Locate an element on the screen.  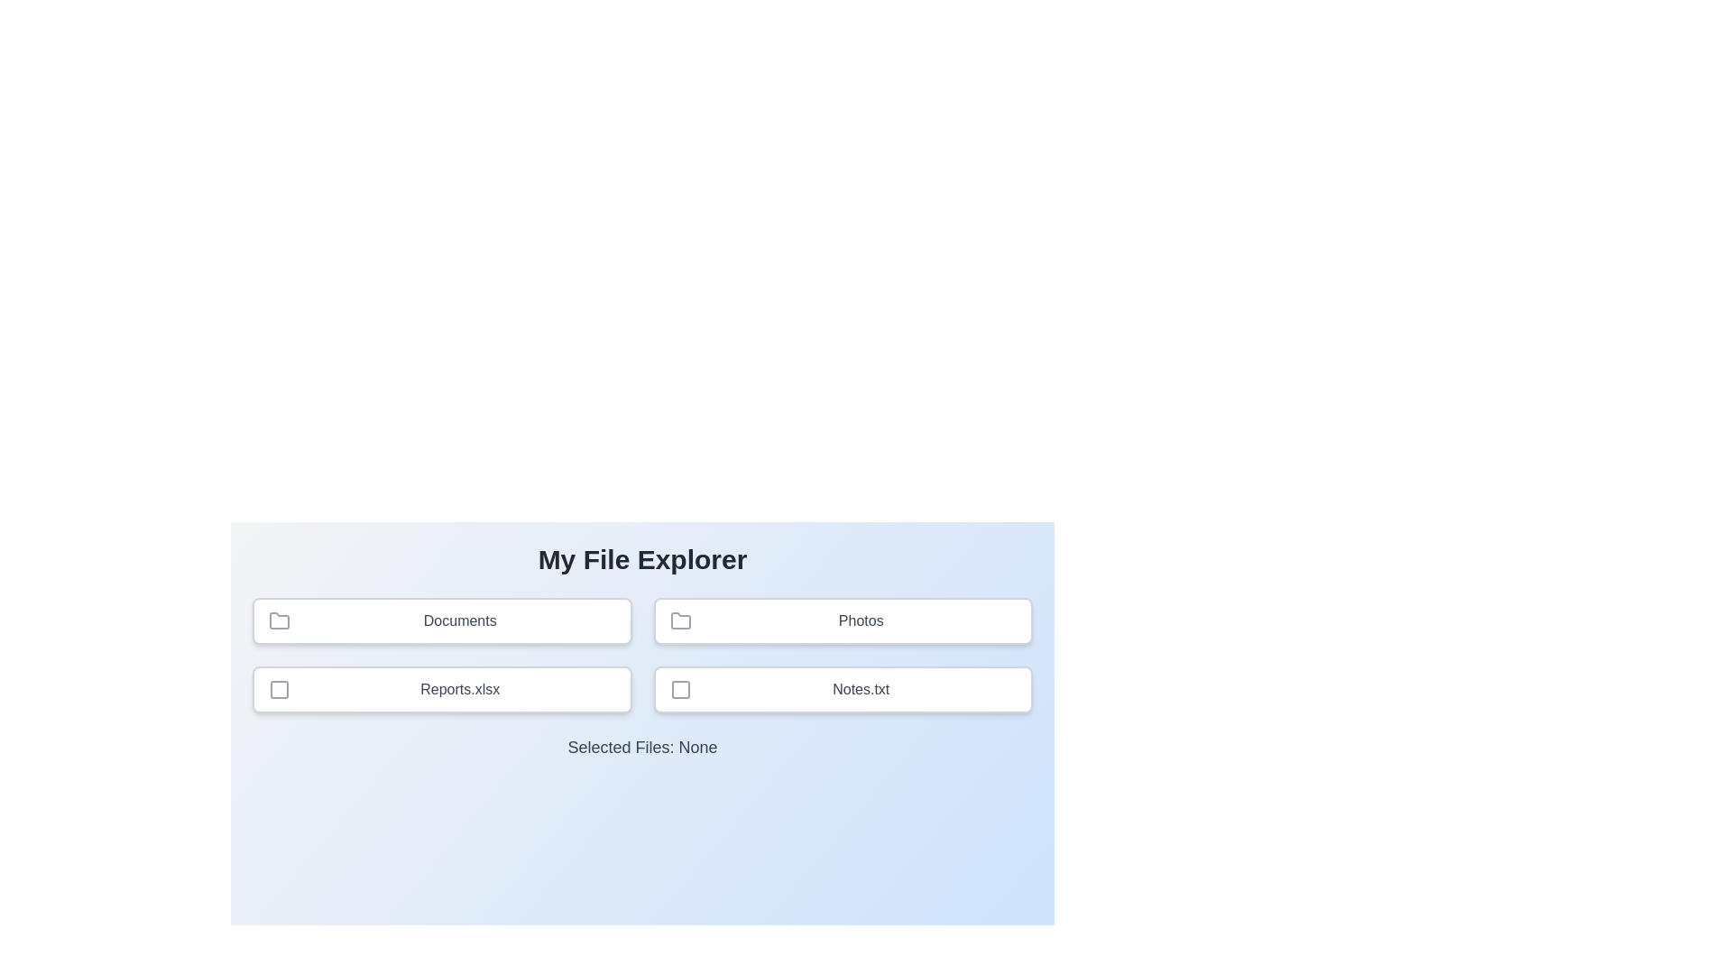
the file Notes.txt to view it in the selected files list is located at coordinates (842, 689).